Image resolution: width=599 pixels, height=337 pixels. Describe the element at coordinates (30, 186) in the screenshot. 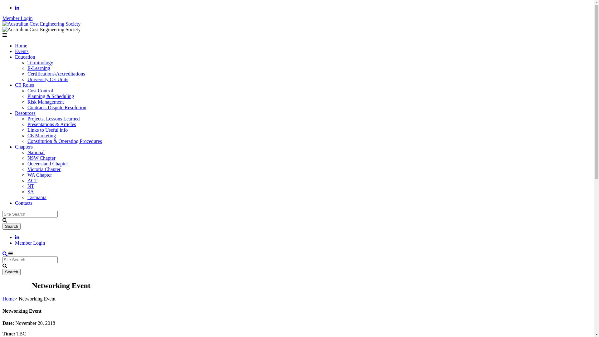

I see `'NT'` at that location.